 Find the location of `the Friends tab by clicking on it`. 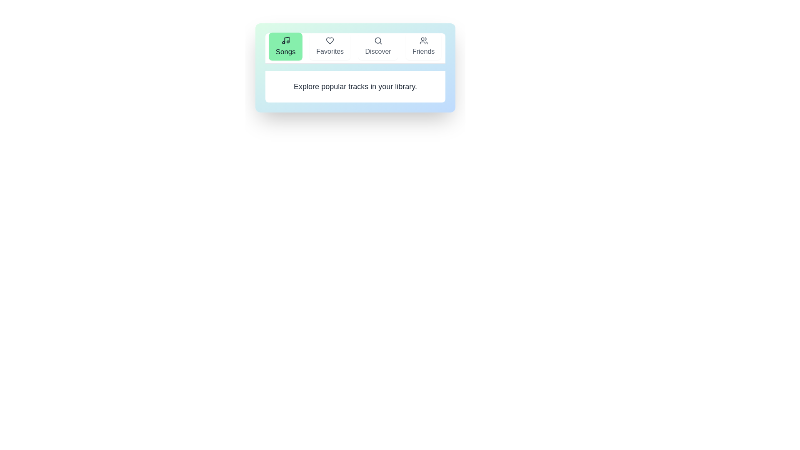

the Friends tab by clicking on it is located at coordinates (423, 46).